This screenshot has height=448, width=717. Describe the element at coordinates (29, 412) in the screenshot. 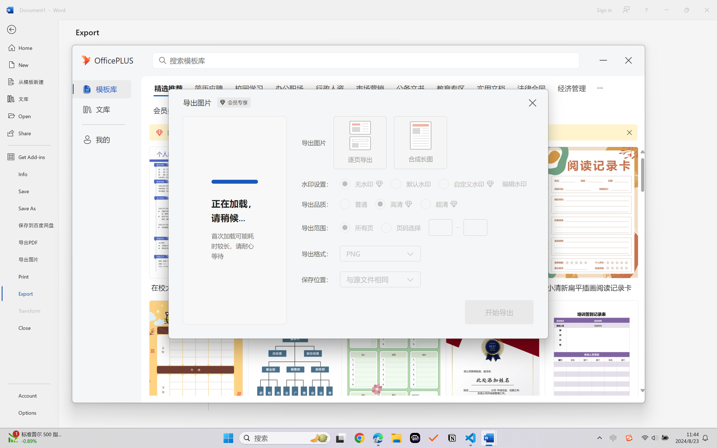

I see `'Options'` at that location.